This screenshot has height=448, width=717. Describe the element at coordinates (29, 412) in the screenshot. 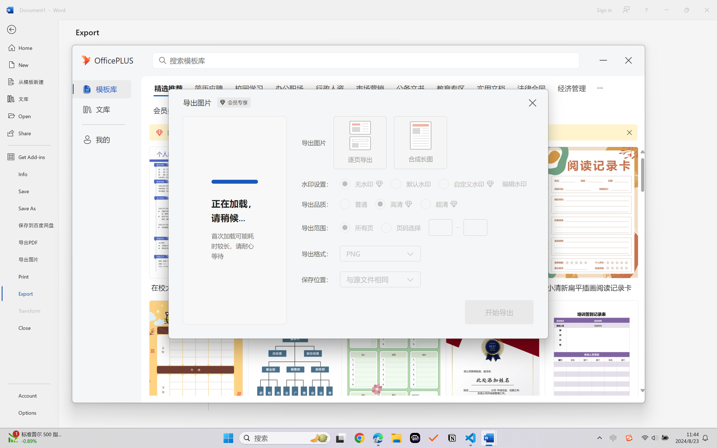

I see `'Options'` at that location.